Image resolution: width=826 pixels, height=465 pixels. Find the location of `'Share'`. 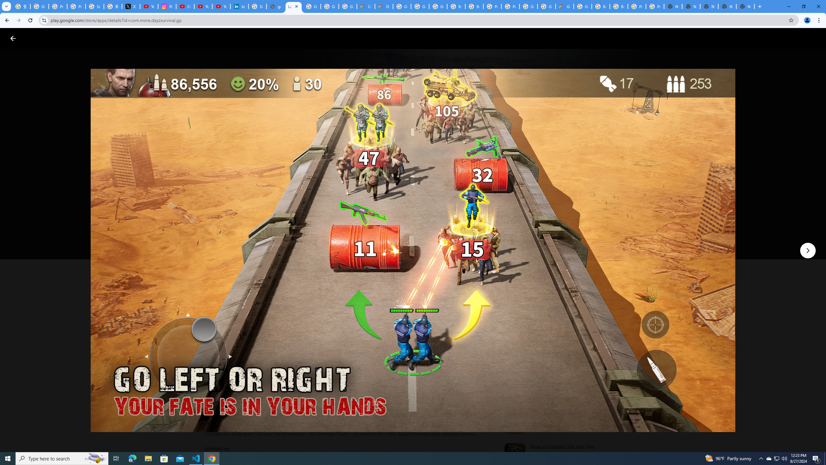

'Share' is located at coordinates (287, 240).